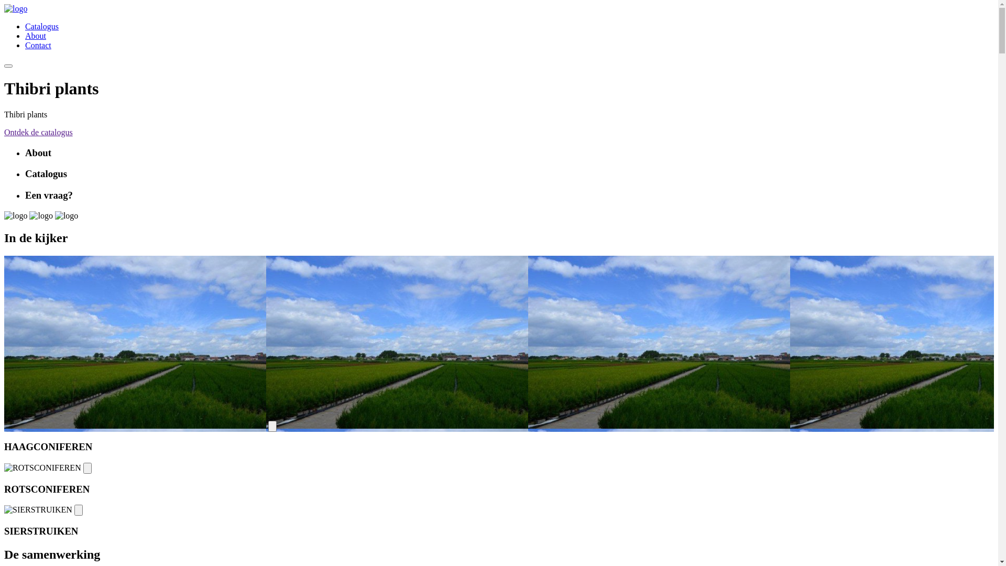 This screenshot has height=566, width=1006. Describe the element at coordinates (4, 8) in the screenshot. I see `'logo'` at that location.